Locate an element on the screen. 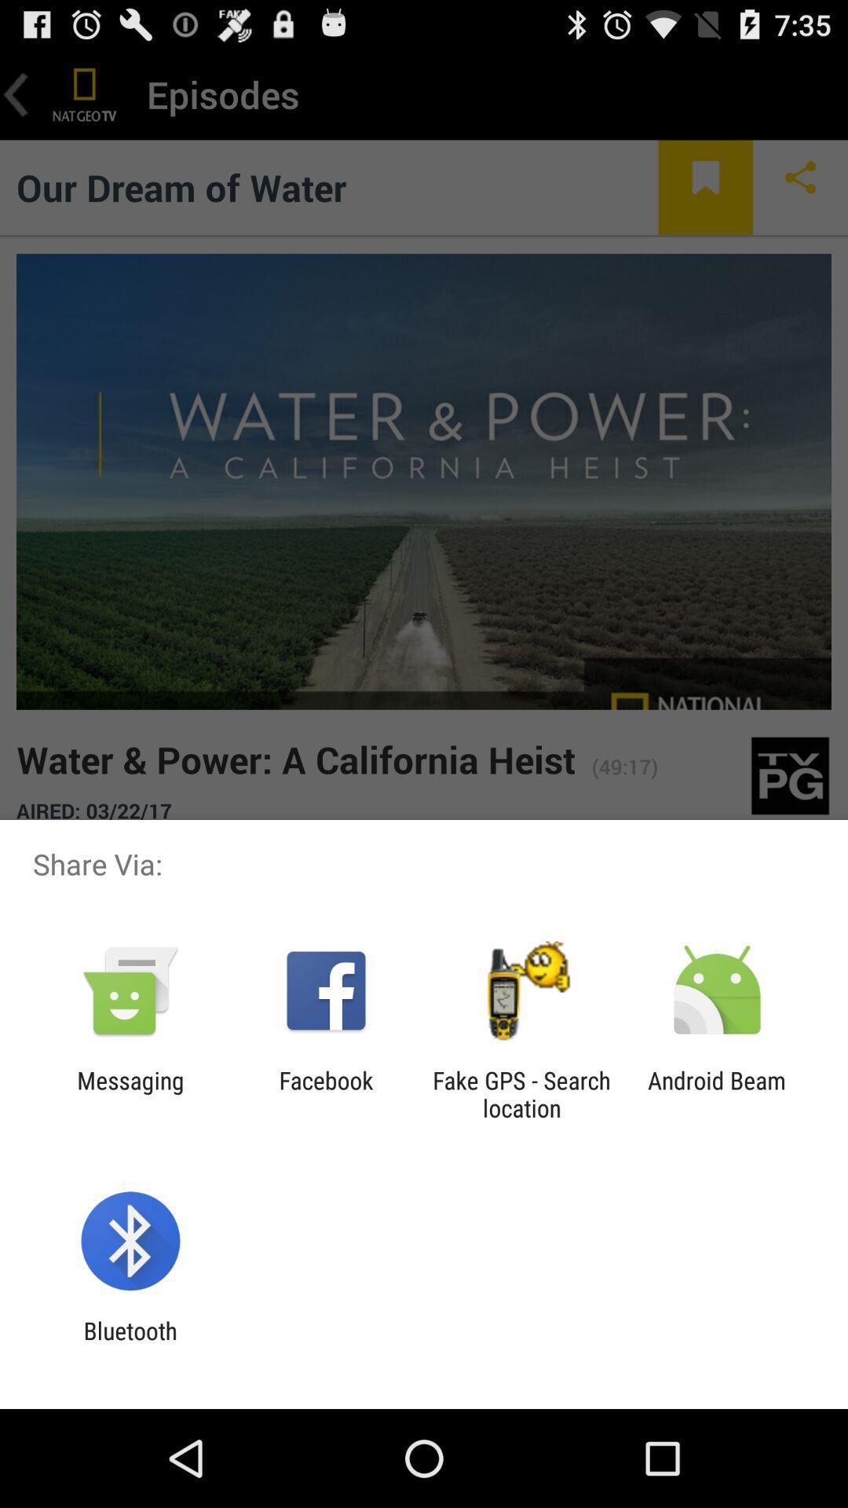  bluetooth app is located at coordinates (130, 1344).